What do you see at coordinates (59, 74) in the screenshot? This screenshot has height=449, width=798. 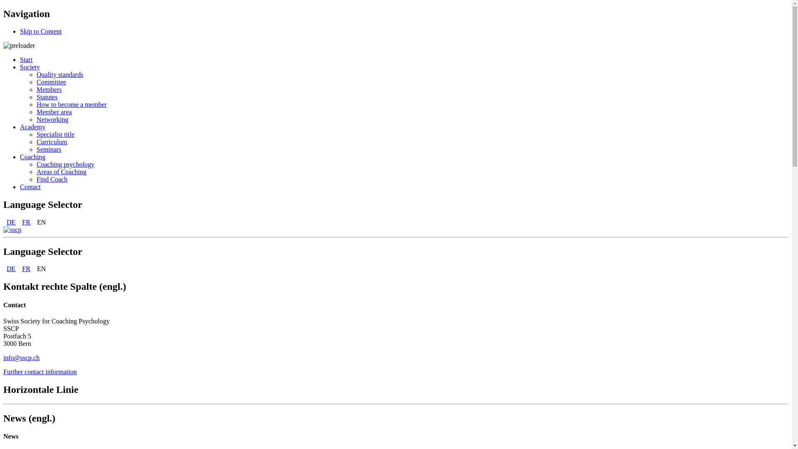 I see `'Quality standards'` at bounding box center [59, 74].